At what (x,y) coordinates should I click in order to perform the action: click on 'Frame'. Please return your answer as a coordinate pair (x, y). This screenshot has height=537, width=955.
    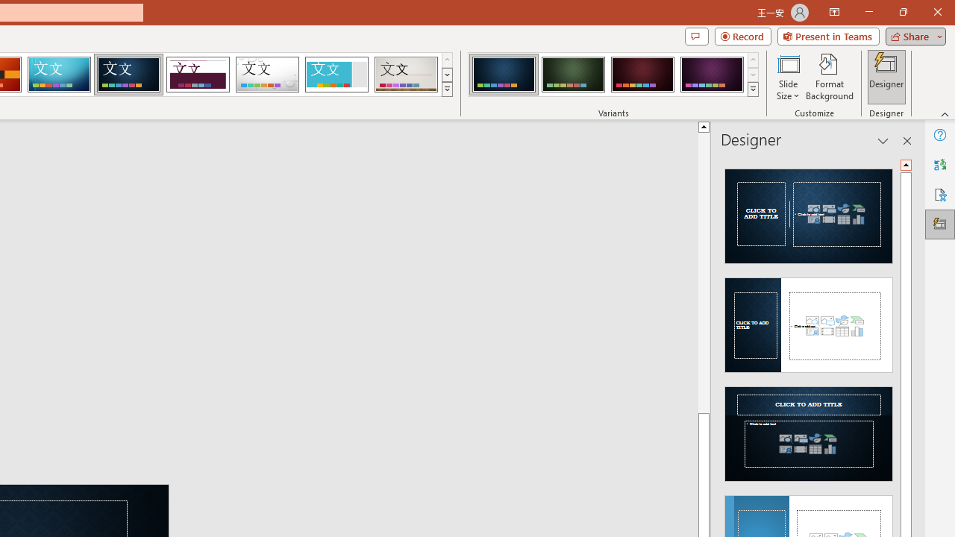
    Looking at the image, I should click on (336, 75).